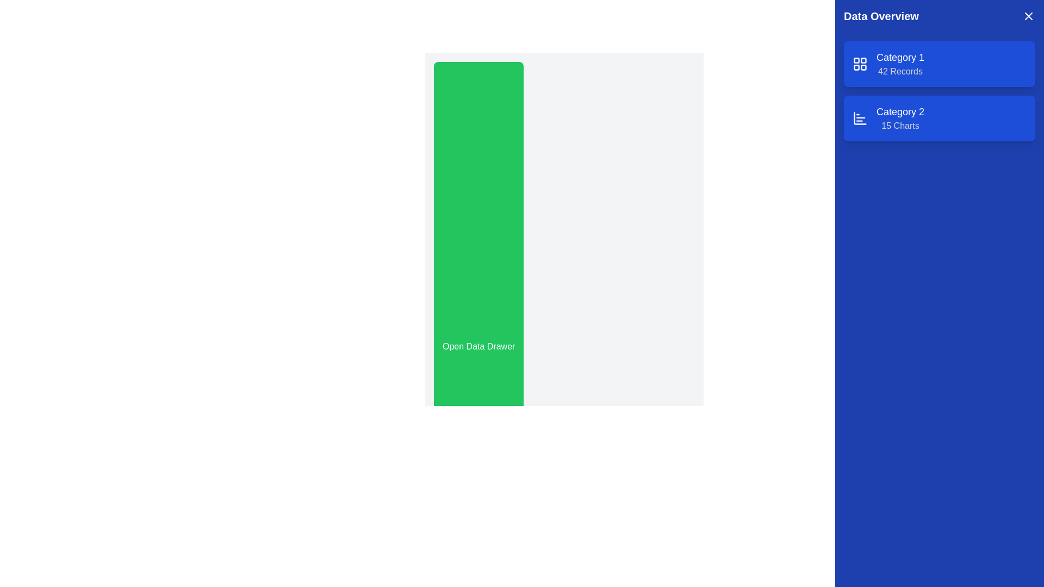 This screenshot has height=587, width=1044. What do you see at coordinates (900, 64) in the screenshot?
I see `the category item corresponding to Category 1` at bounding box center [900, 64].